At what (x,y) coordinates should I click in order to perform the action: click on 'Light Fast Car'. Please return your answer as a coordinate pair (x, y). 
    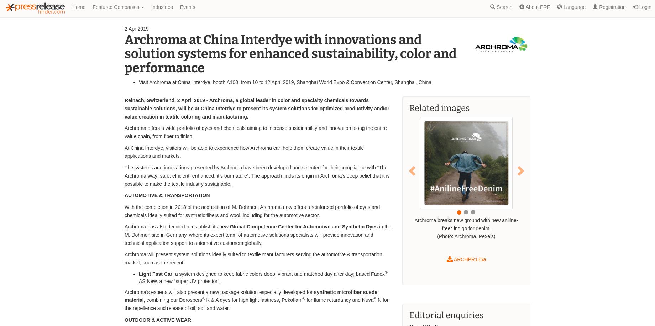
    Looking at the image, I should click on (155, 273).